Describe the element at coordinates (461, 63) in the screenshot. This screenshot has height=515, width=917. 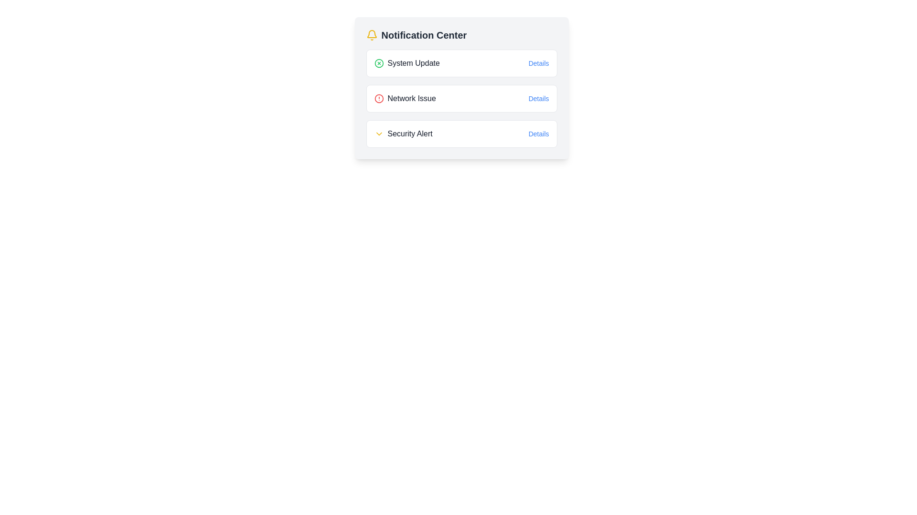
I see `update title from the notification entry labeled 'System Update', which is the first entry in the notification panel` at that location.